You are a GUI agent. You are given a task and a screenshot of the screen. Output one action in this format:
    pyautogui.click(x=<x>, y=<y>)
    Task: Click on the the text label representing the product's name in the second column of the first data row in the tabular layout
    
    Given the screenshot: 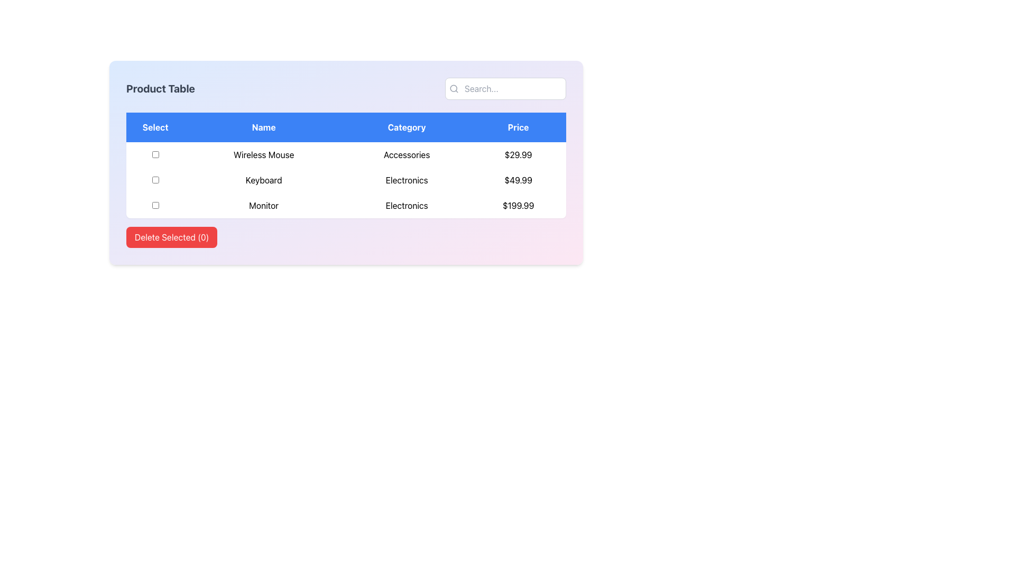 What is the action you would take?
    pyautogui.click(x=264, y=155)
    